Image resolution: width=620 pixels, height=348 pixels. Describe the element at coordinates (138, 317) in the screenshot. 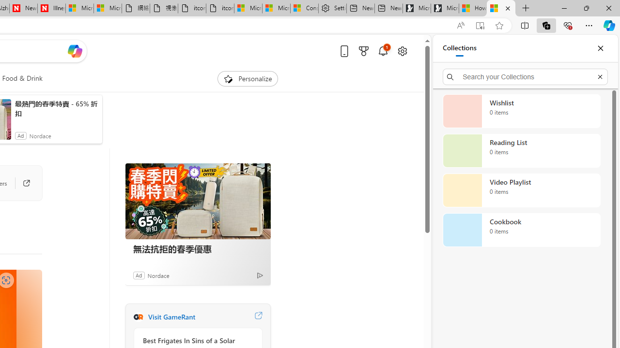

I see `'GameRant'` at that location.